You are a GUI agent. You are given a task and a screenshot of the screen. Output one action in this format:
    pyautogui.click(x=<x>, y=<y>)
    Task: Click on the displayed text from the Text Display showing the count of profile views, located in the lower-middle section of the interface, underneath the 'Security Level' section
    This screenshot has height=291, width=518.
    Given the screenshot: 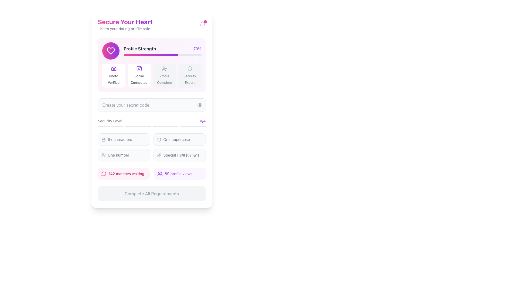 What is the action you would take?
    pyautogui.click(x=178, y=174)
    